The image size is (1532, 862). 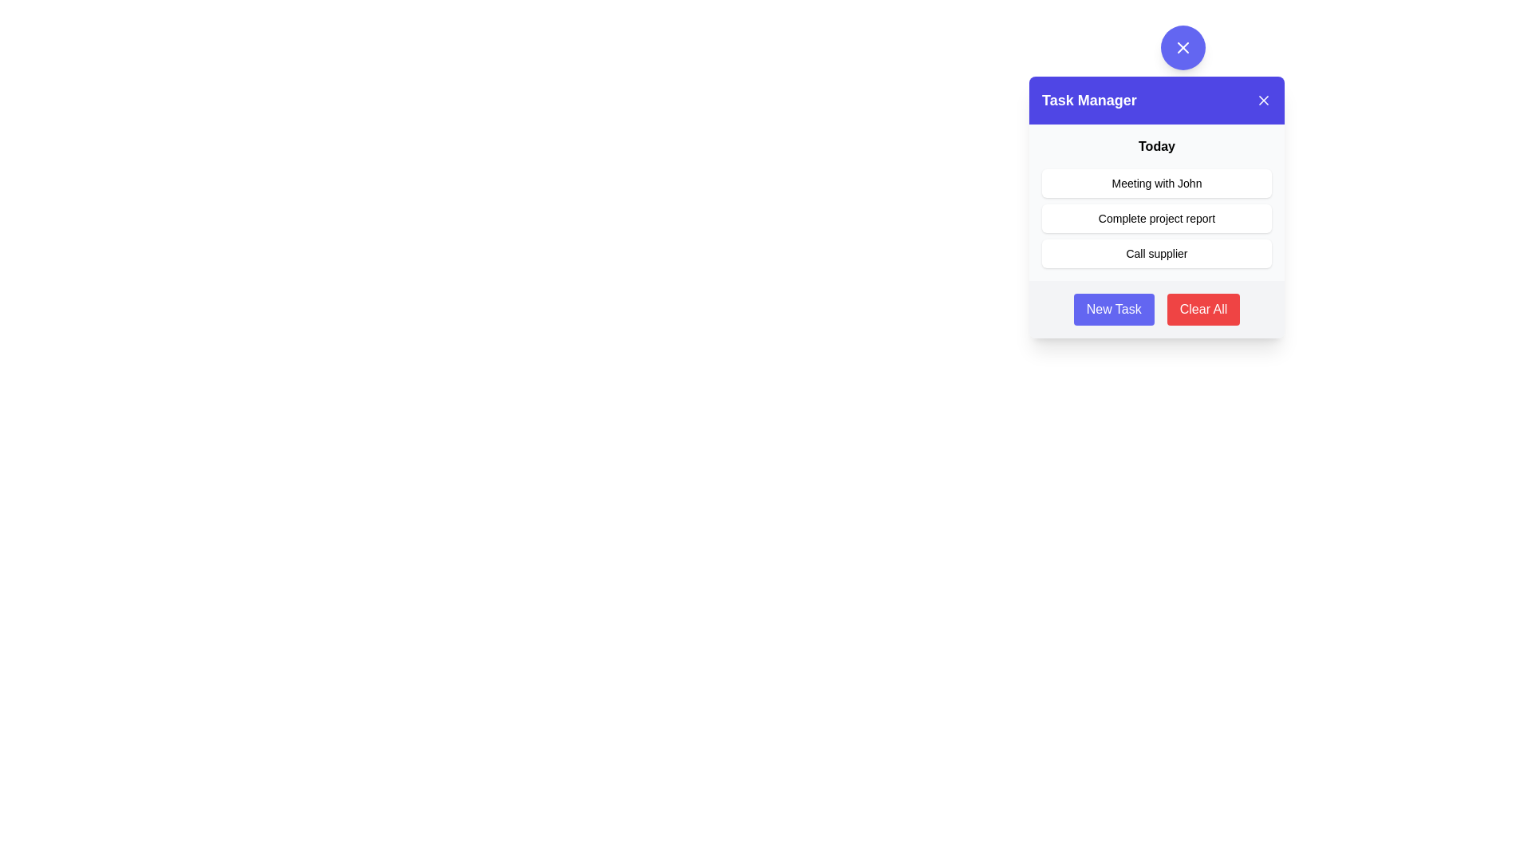 What do you see at coordinates (1156, 252) in the screenshot?
I see `the interactive button used to contact a supplier in the 'Task Manager' panel for keyboard interaction` at bounding box center [1156, 252].